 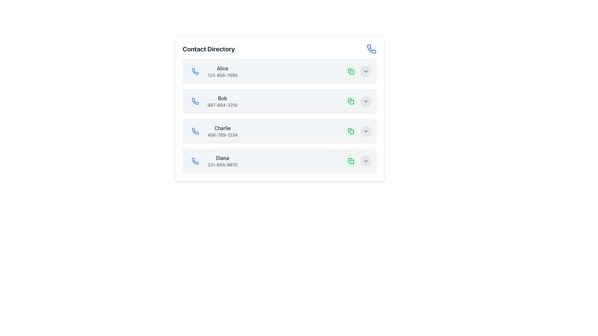 I want to click on the copy icon button located in the action column for the contact named 'Bob', so click(x=351, y=71).